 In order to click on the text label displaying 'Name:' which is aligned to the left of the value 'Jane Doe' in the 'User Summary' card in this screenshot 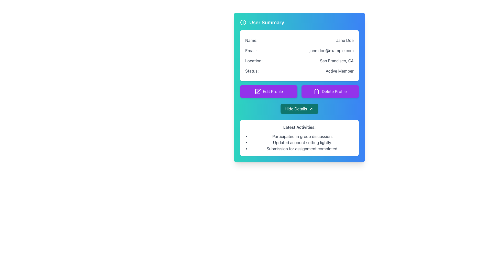, I will do `click(251, 40)`.